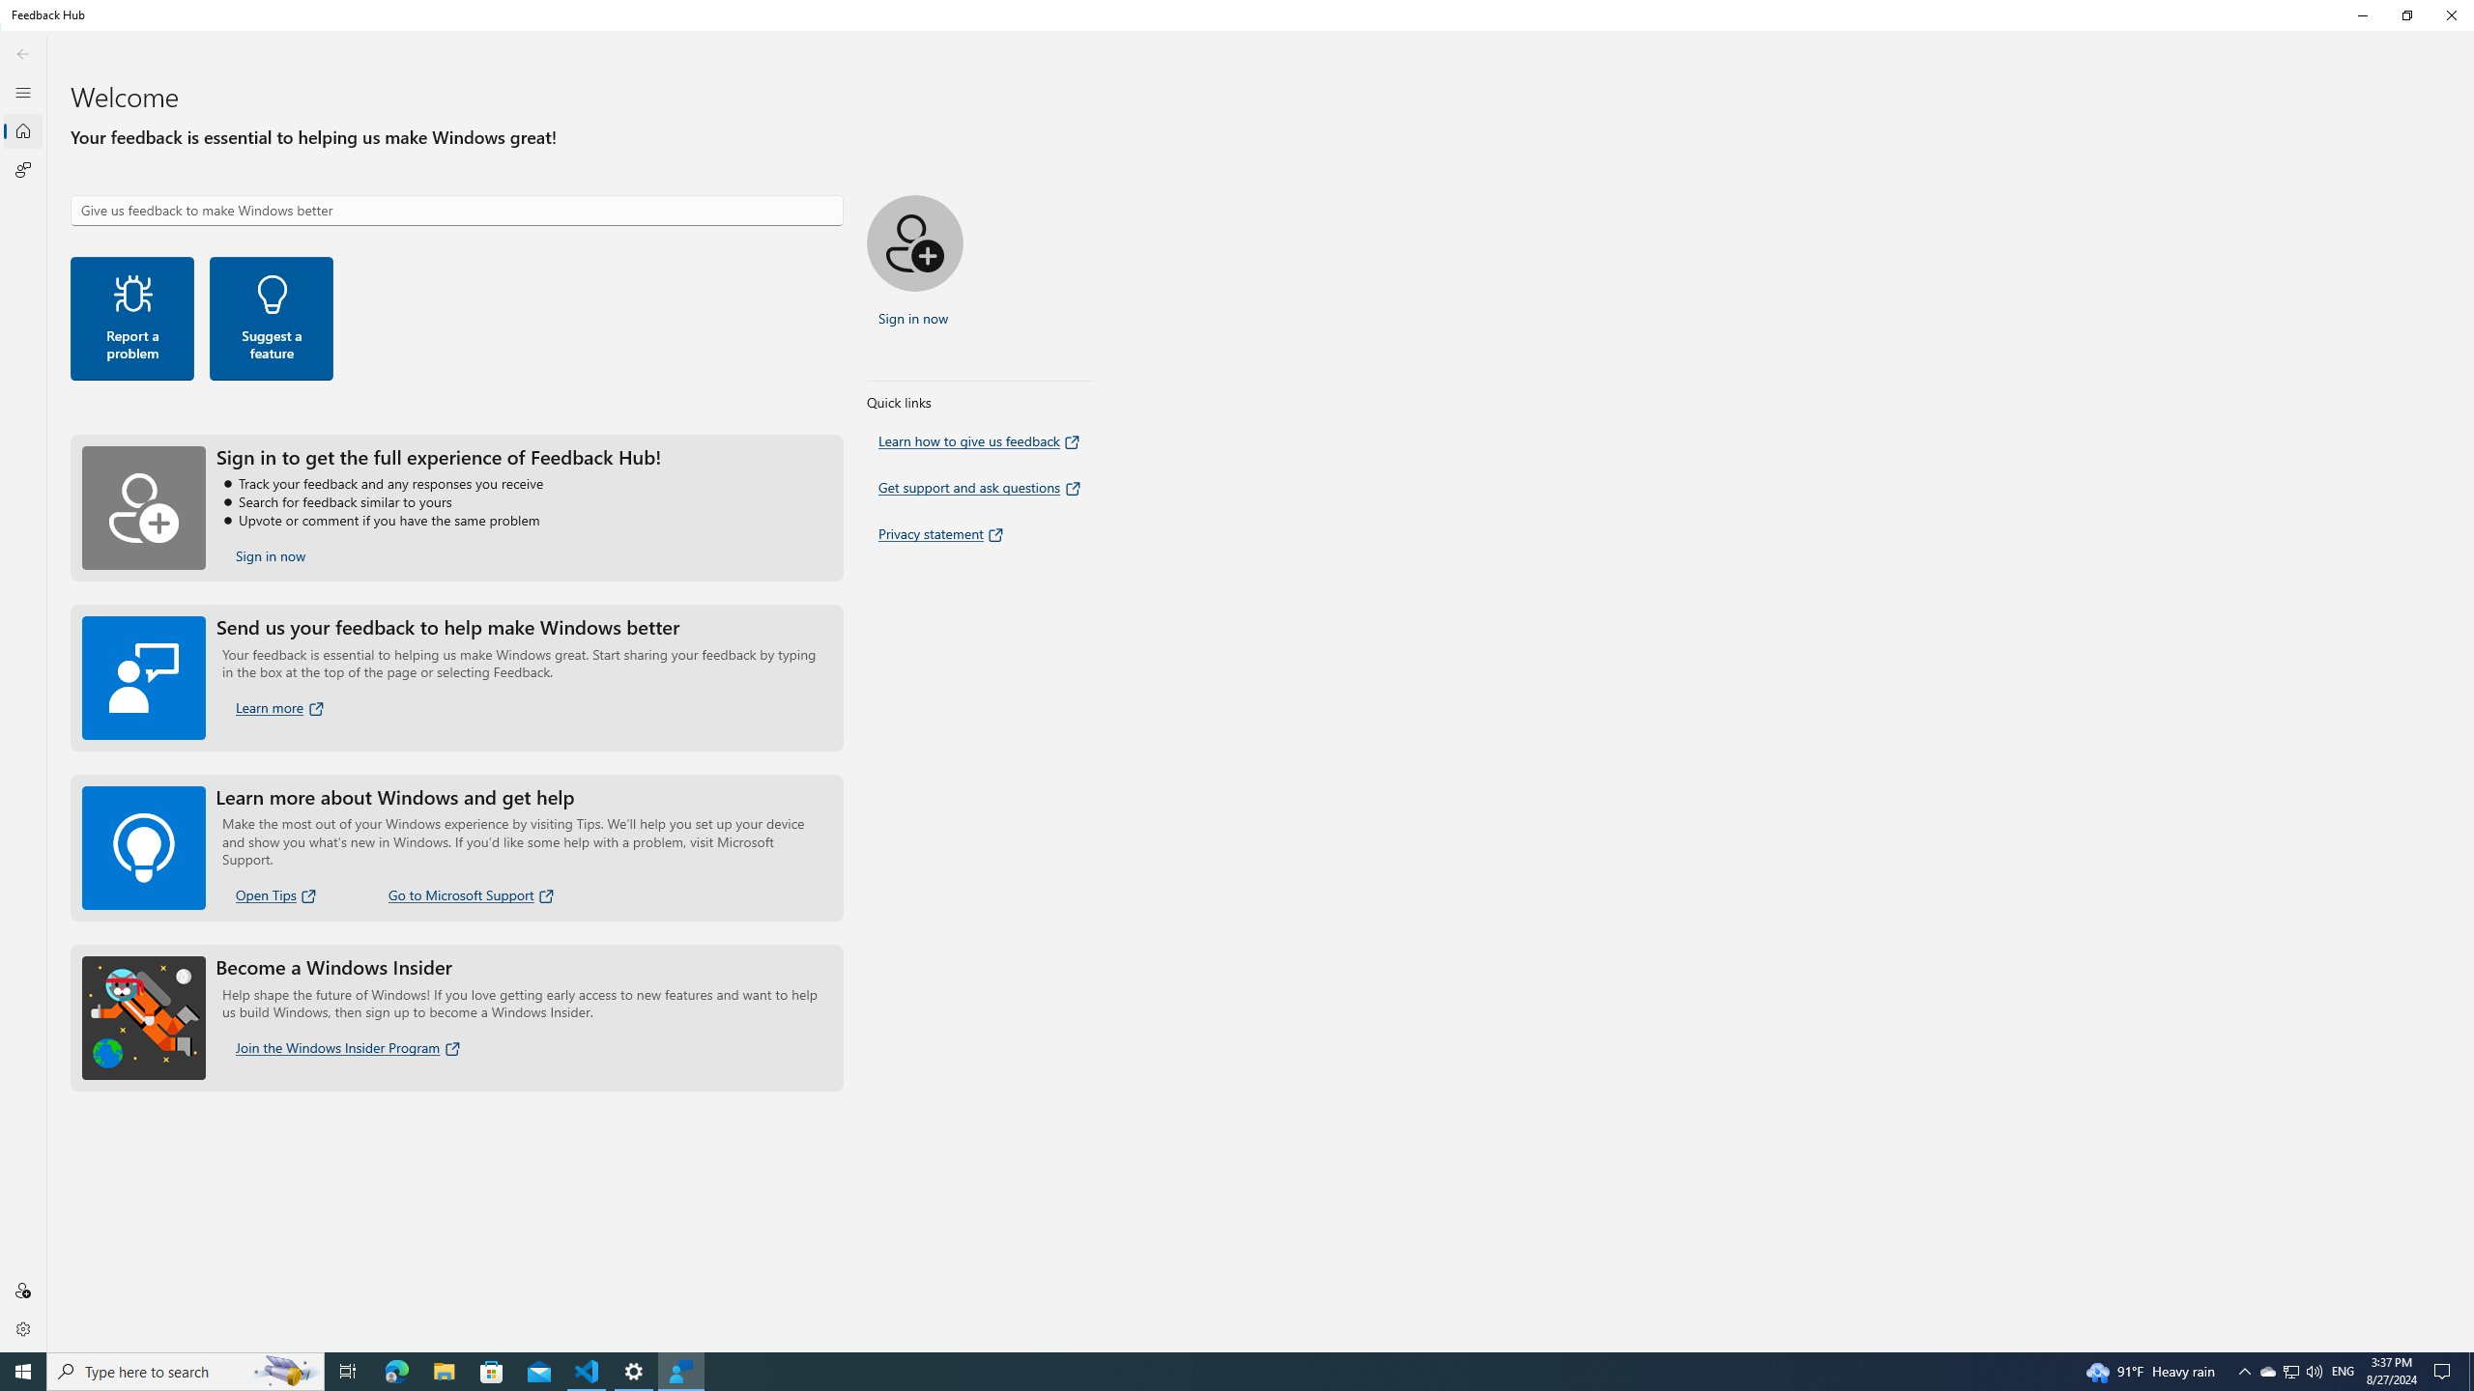  I want to click on 'Give us feedback to make Windows better', so click(456, 210).